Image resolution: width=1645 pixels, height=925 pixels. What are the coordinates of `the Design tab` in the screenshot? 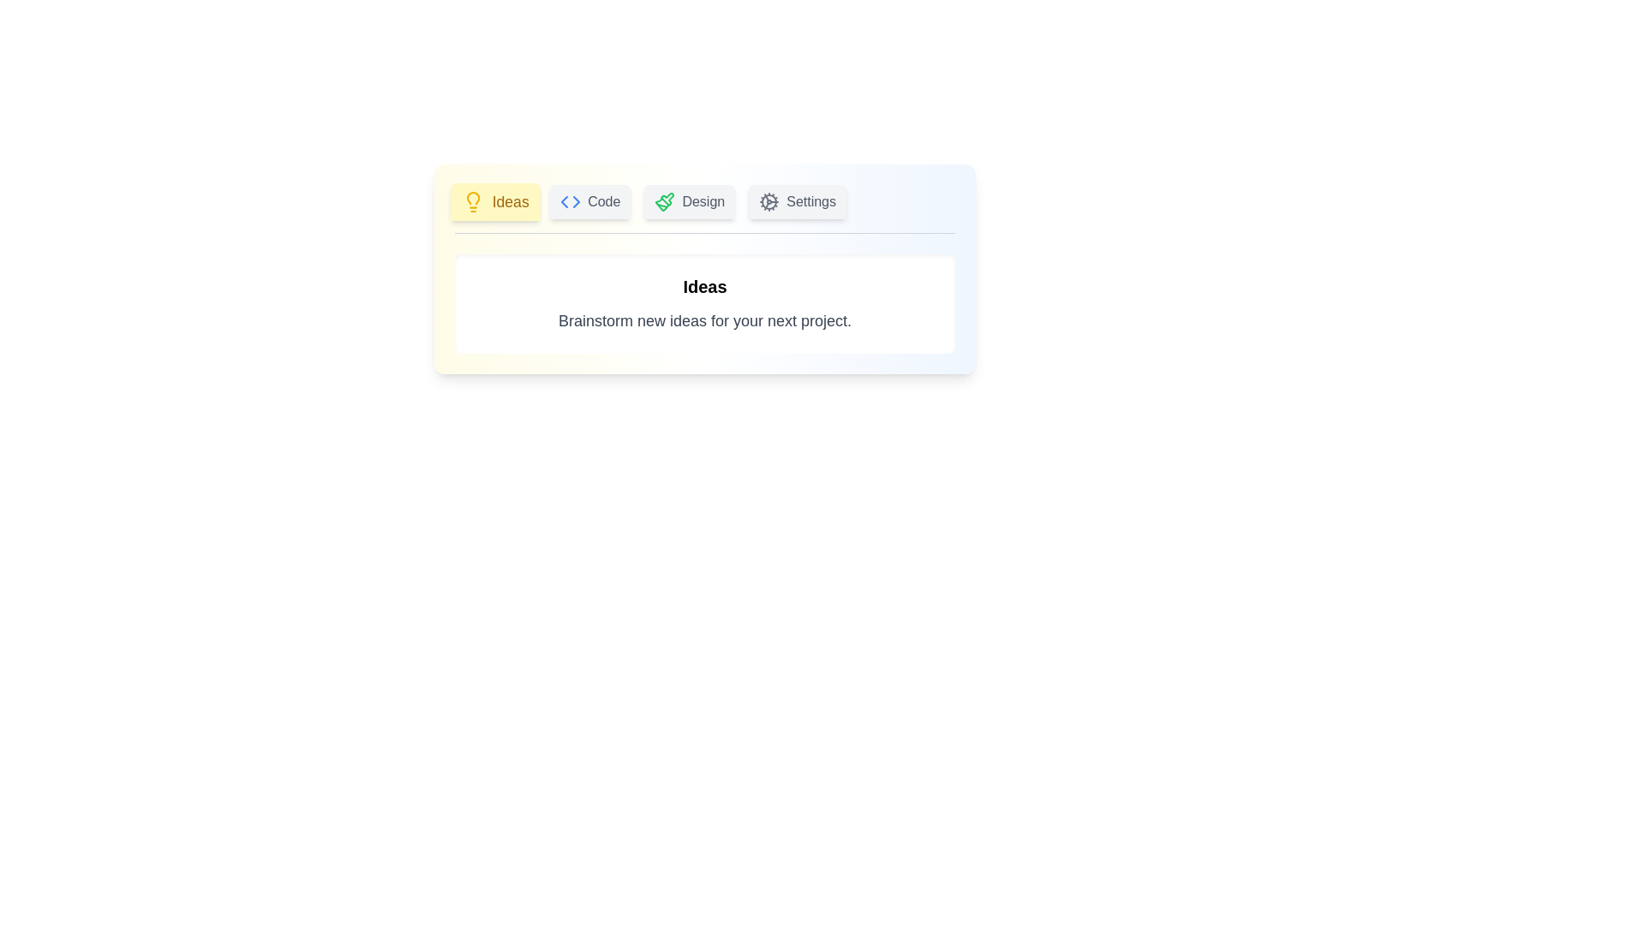 It's located at (690, 200).